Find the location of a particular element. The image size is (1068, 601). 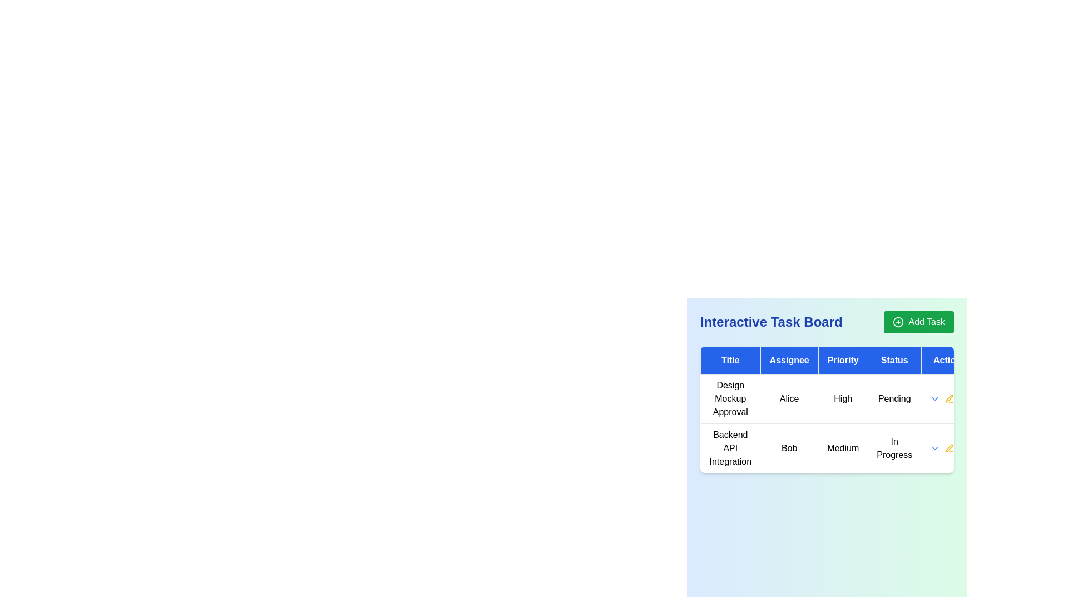

the Dropdown menu trigger icon located in the 'Actions' column of the second row for the 'Backend API Integration' task, adjacent to the 'In Progress' status is located at coordinates (934, 398).